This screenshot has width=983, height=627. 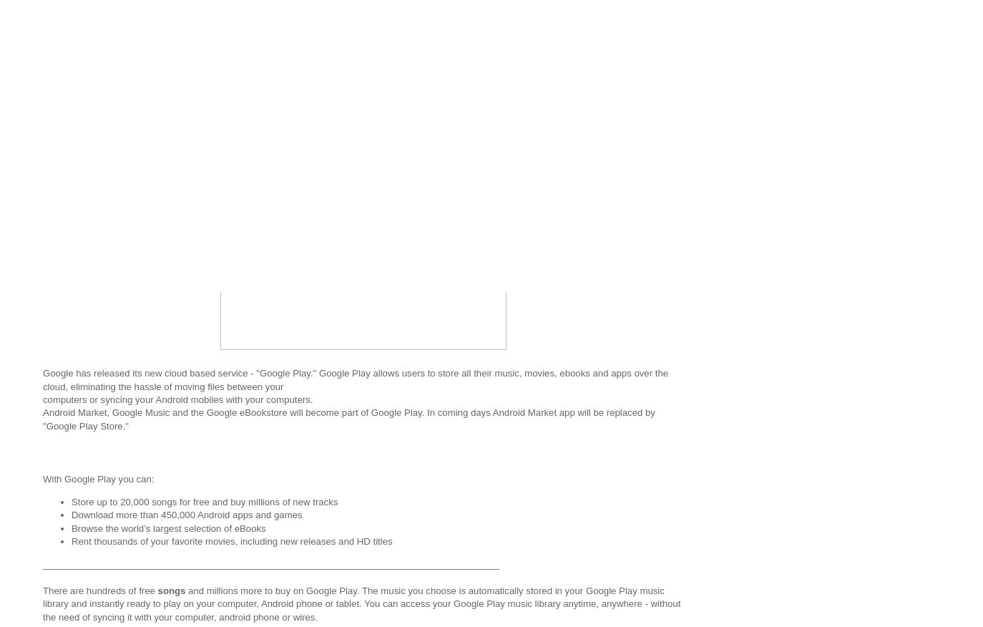 What do you see at coordinates (42, 399) in the screenshot?
I see `'computers or syncing your Android mobiles with your computers.'` at bounding box center [42, 399].